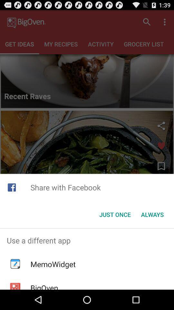 Image resolution: width=174 pixels, height=310 pixels. What do you see at coordinates (115, 214) in the screenshot?
I see `the icon to the left of always` at bounding box center [115, 214].